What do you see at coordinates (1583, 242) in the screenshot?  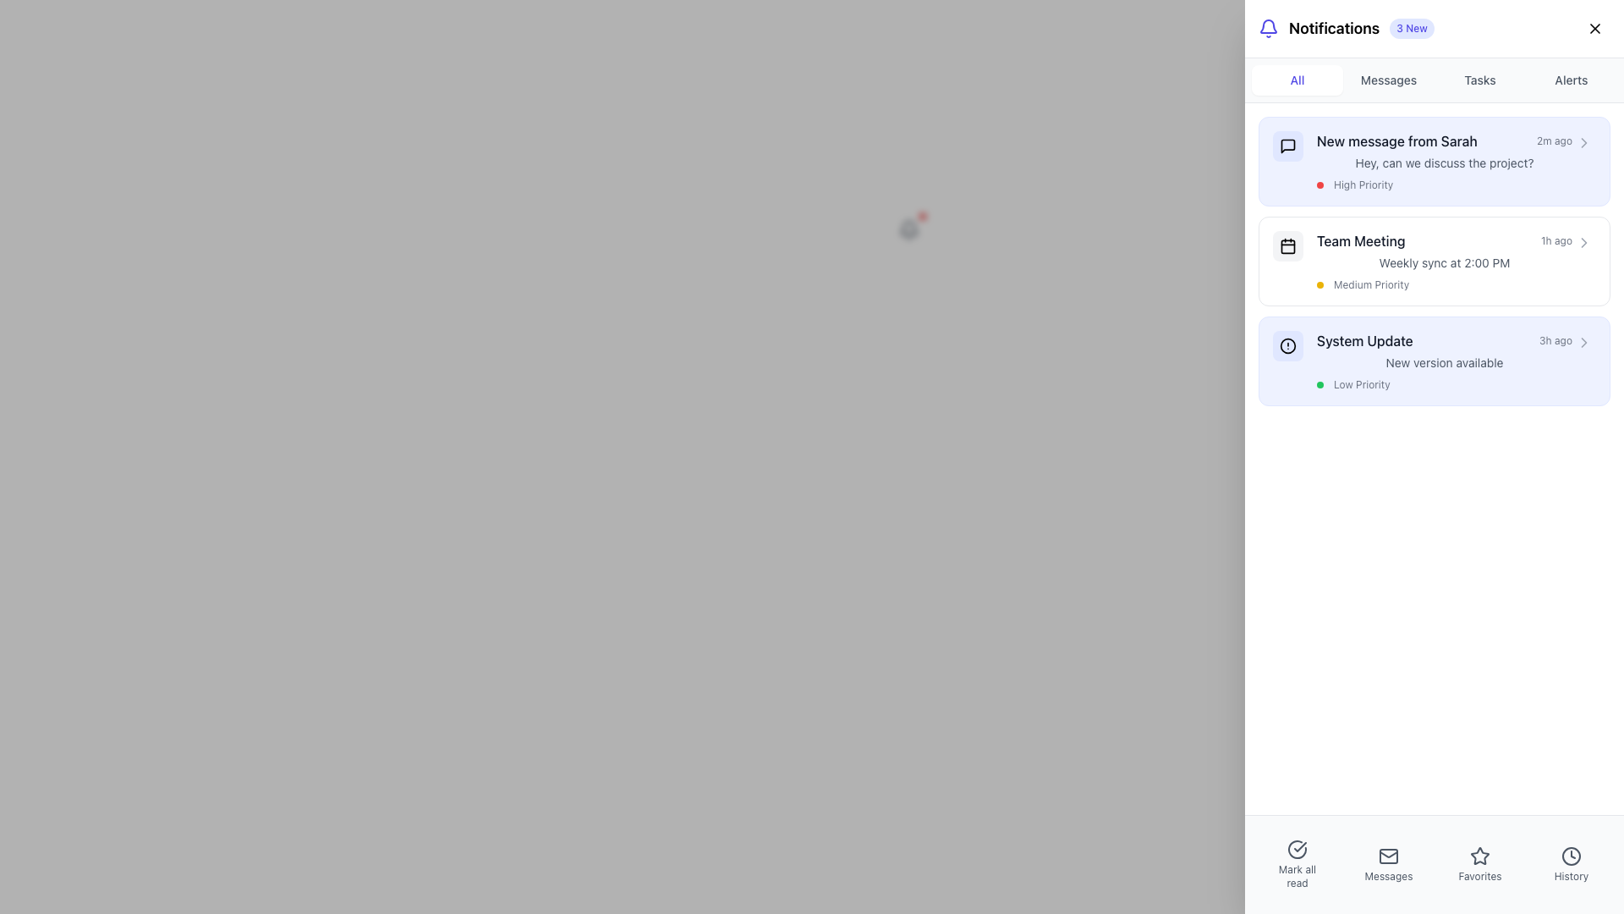 I see `the rightward chevron arrow icon in the 'System Update' notification card` at bounding box center [1583, 242].